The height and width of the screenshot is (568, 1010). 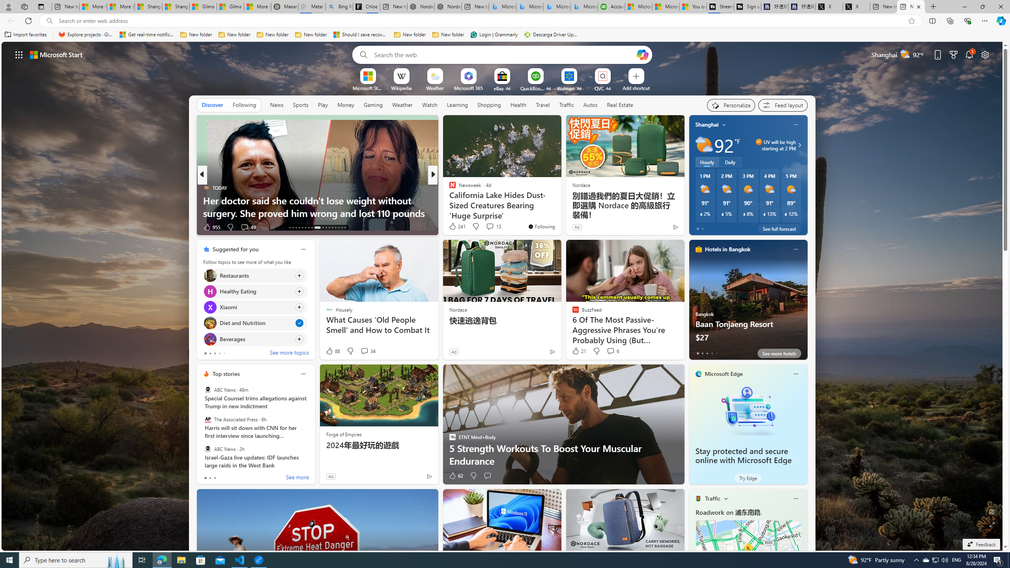 I want to click on 'AutomationID: tab-23', so click(x=326, y=228).